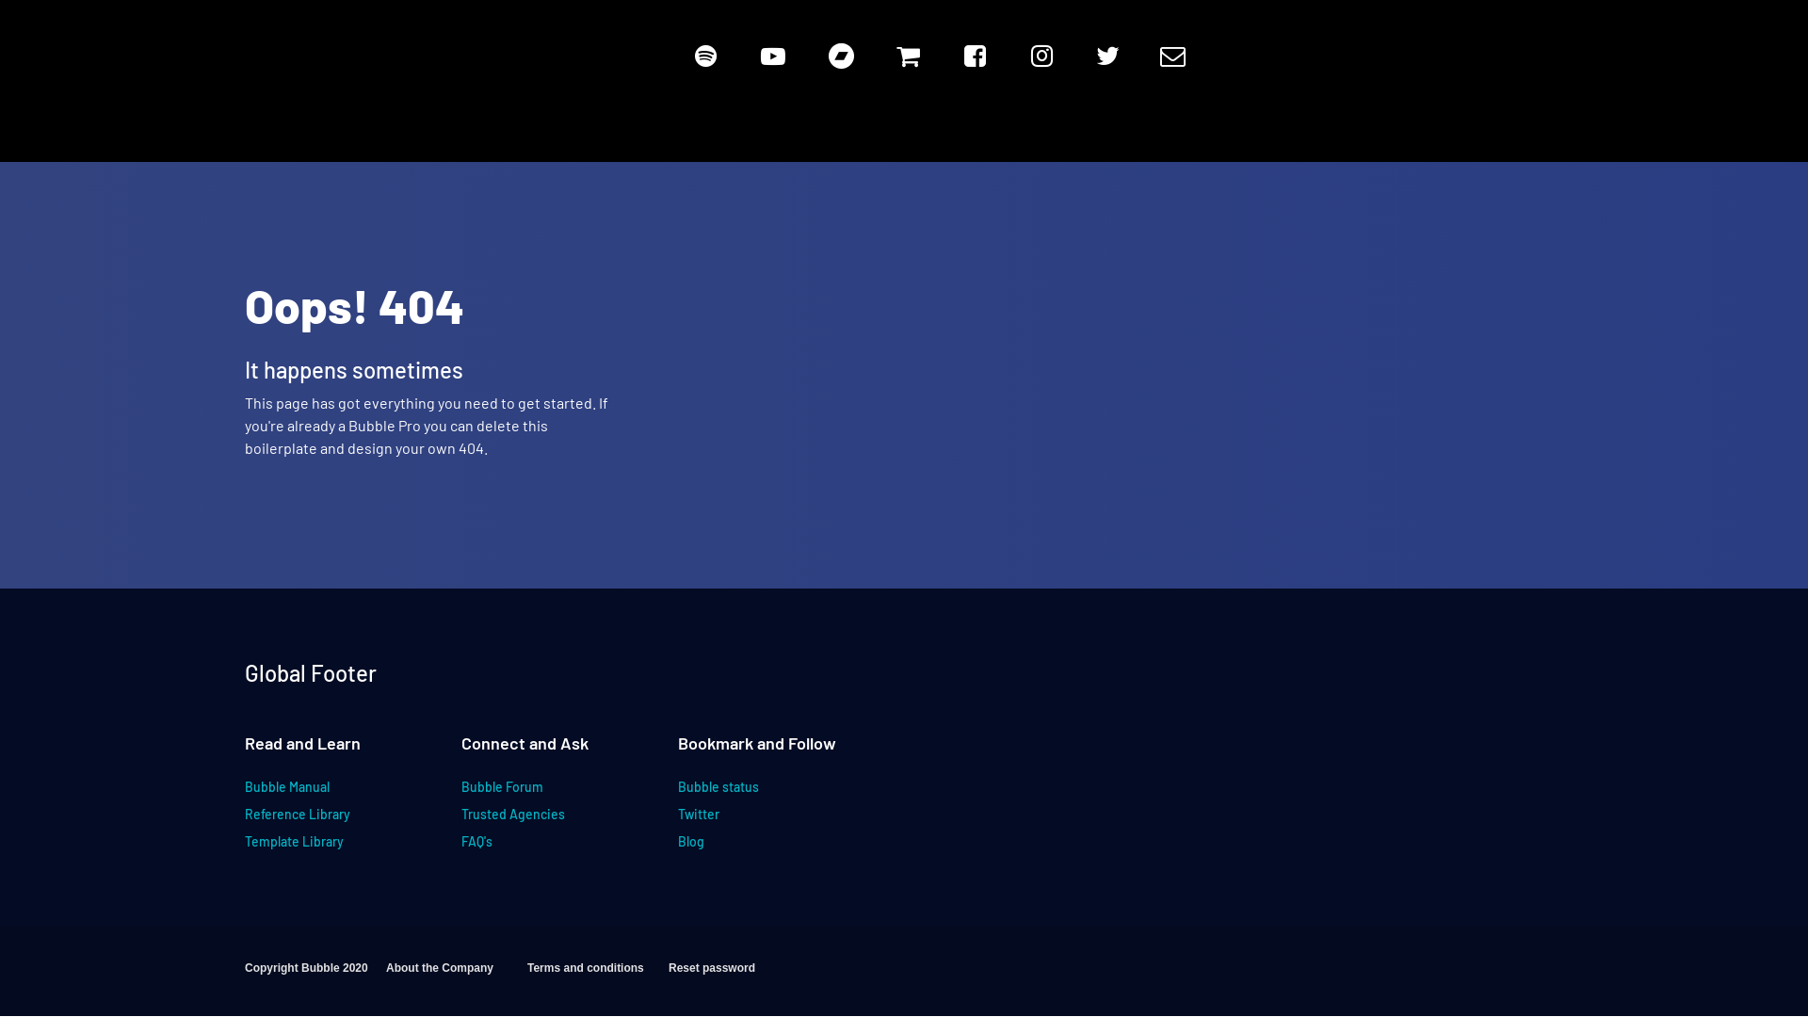  I want to click on 'FAQ's', so click(531, 848).